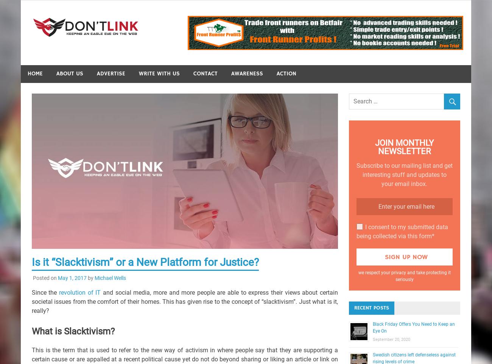 The height and width of the screenshot is (364, 492). I want to click on 'we respect your privacy and take protecting it seriously', so click(404, 276).